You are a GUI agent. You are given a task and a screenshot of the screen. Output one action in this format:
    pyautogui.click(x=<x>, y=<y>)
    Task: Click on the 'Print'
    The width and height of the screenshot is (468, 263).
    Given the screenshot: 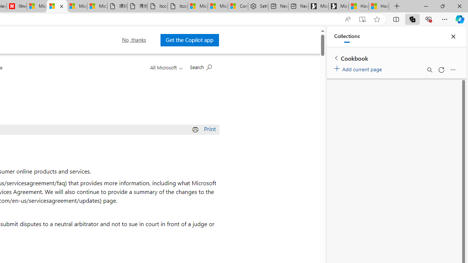 What is the action you would take?
    pyautogui.click(x=205, y=128)
    